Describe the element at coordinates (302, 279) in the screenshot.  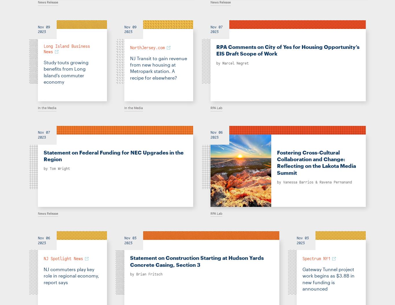
I see `'Gateway Tunnel project work begins as $3.8B in new funding is announced'` at that location.